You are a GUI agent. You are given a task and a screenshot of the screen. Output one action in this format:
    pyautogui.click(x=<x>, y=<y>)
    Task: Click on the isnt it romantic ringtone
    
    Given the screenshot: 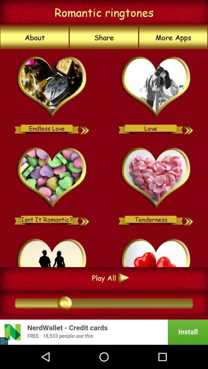 What is the action you would take?
    pyautogui.click(x=84, y=219)
    